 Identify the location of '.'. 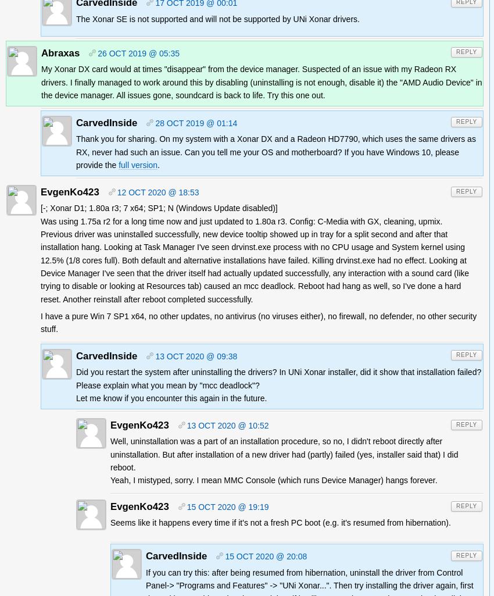
(156, 165).